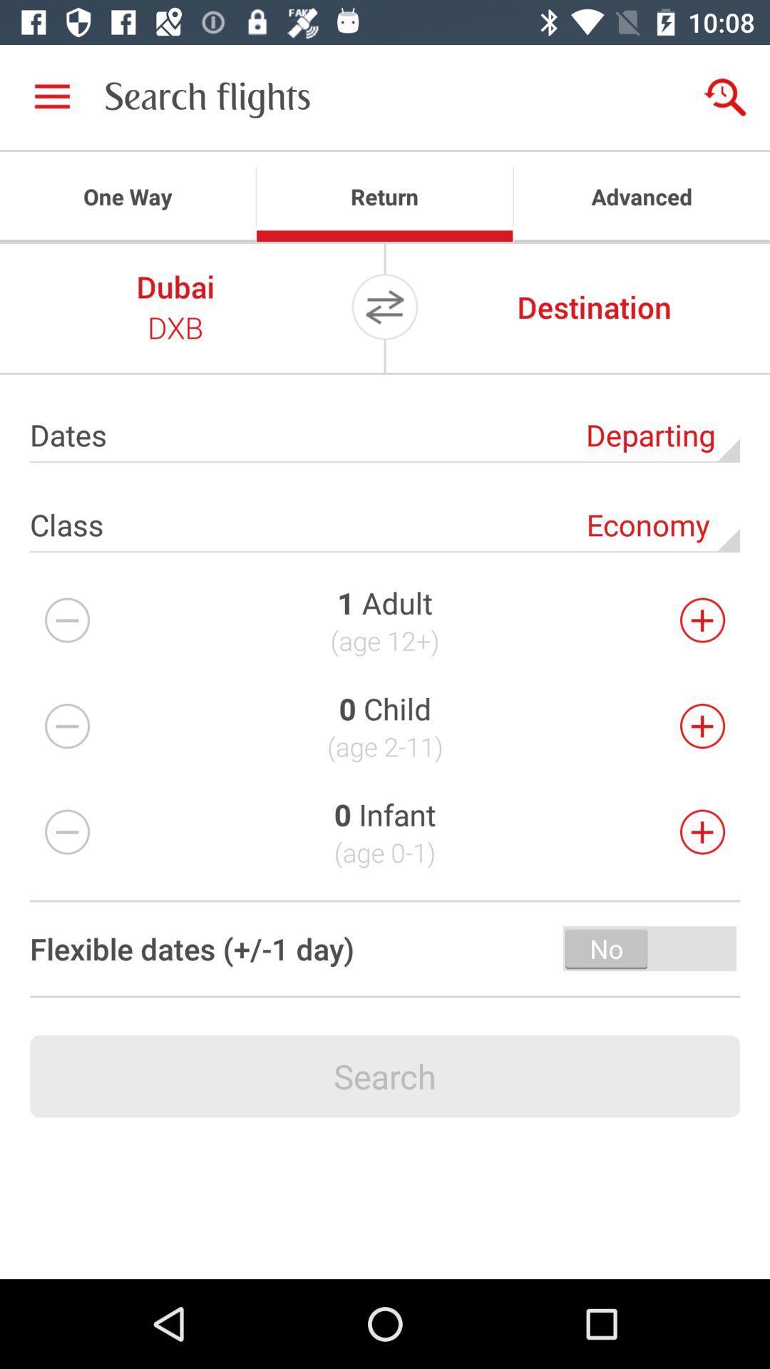 The image size is (770, 1369). What do you see at coordinates (67, 620) in the screenshot?
I see `the minus icon` at bounding box center [67, 620].